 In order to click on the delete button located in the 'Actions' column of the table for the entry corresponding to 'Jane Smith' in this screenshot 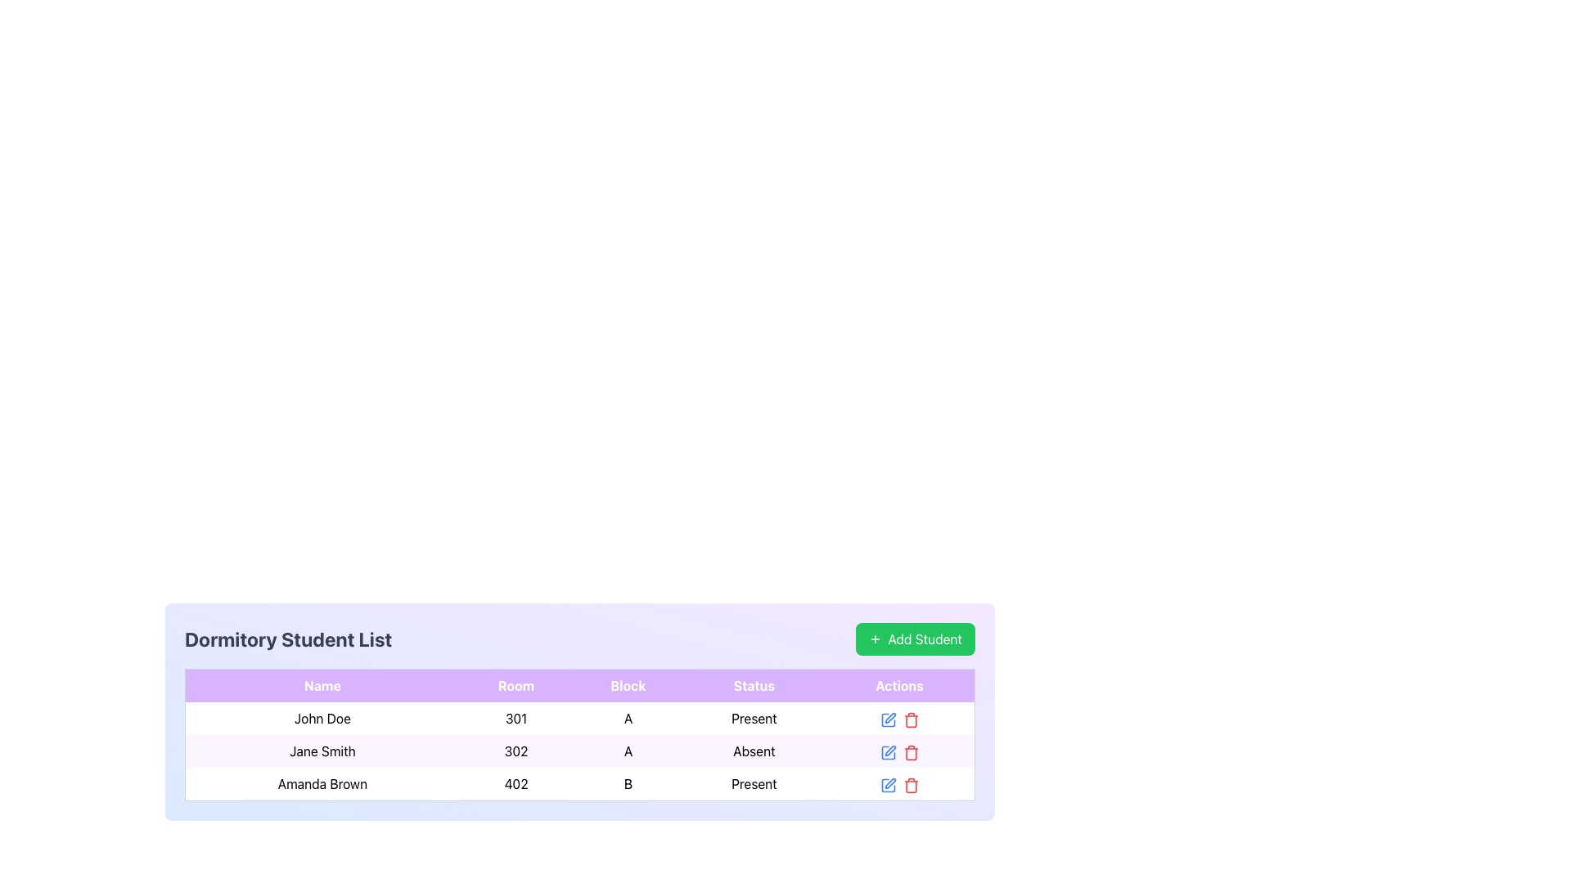, I will do `click(910, 751)`.